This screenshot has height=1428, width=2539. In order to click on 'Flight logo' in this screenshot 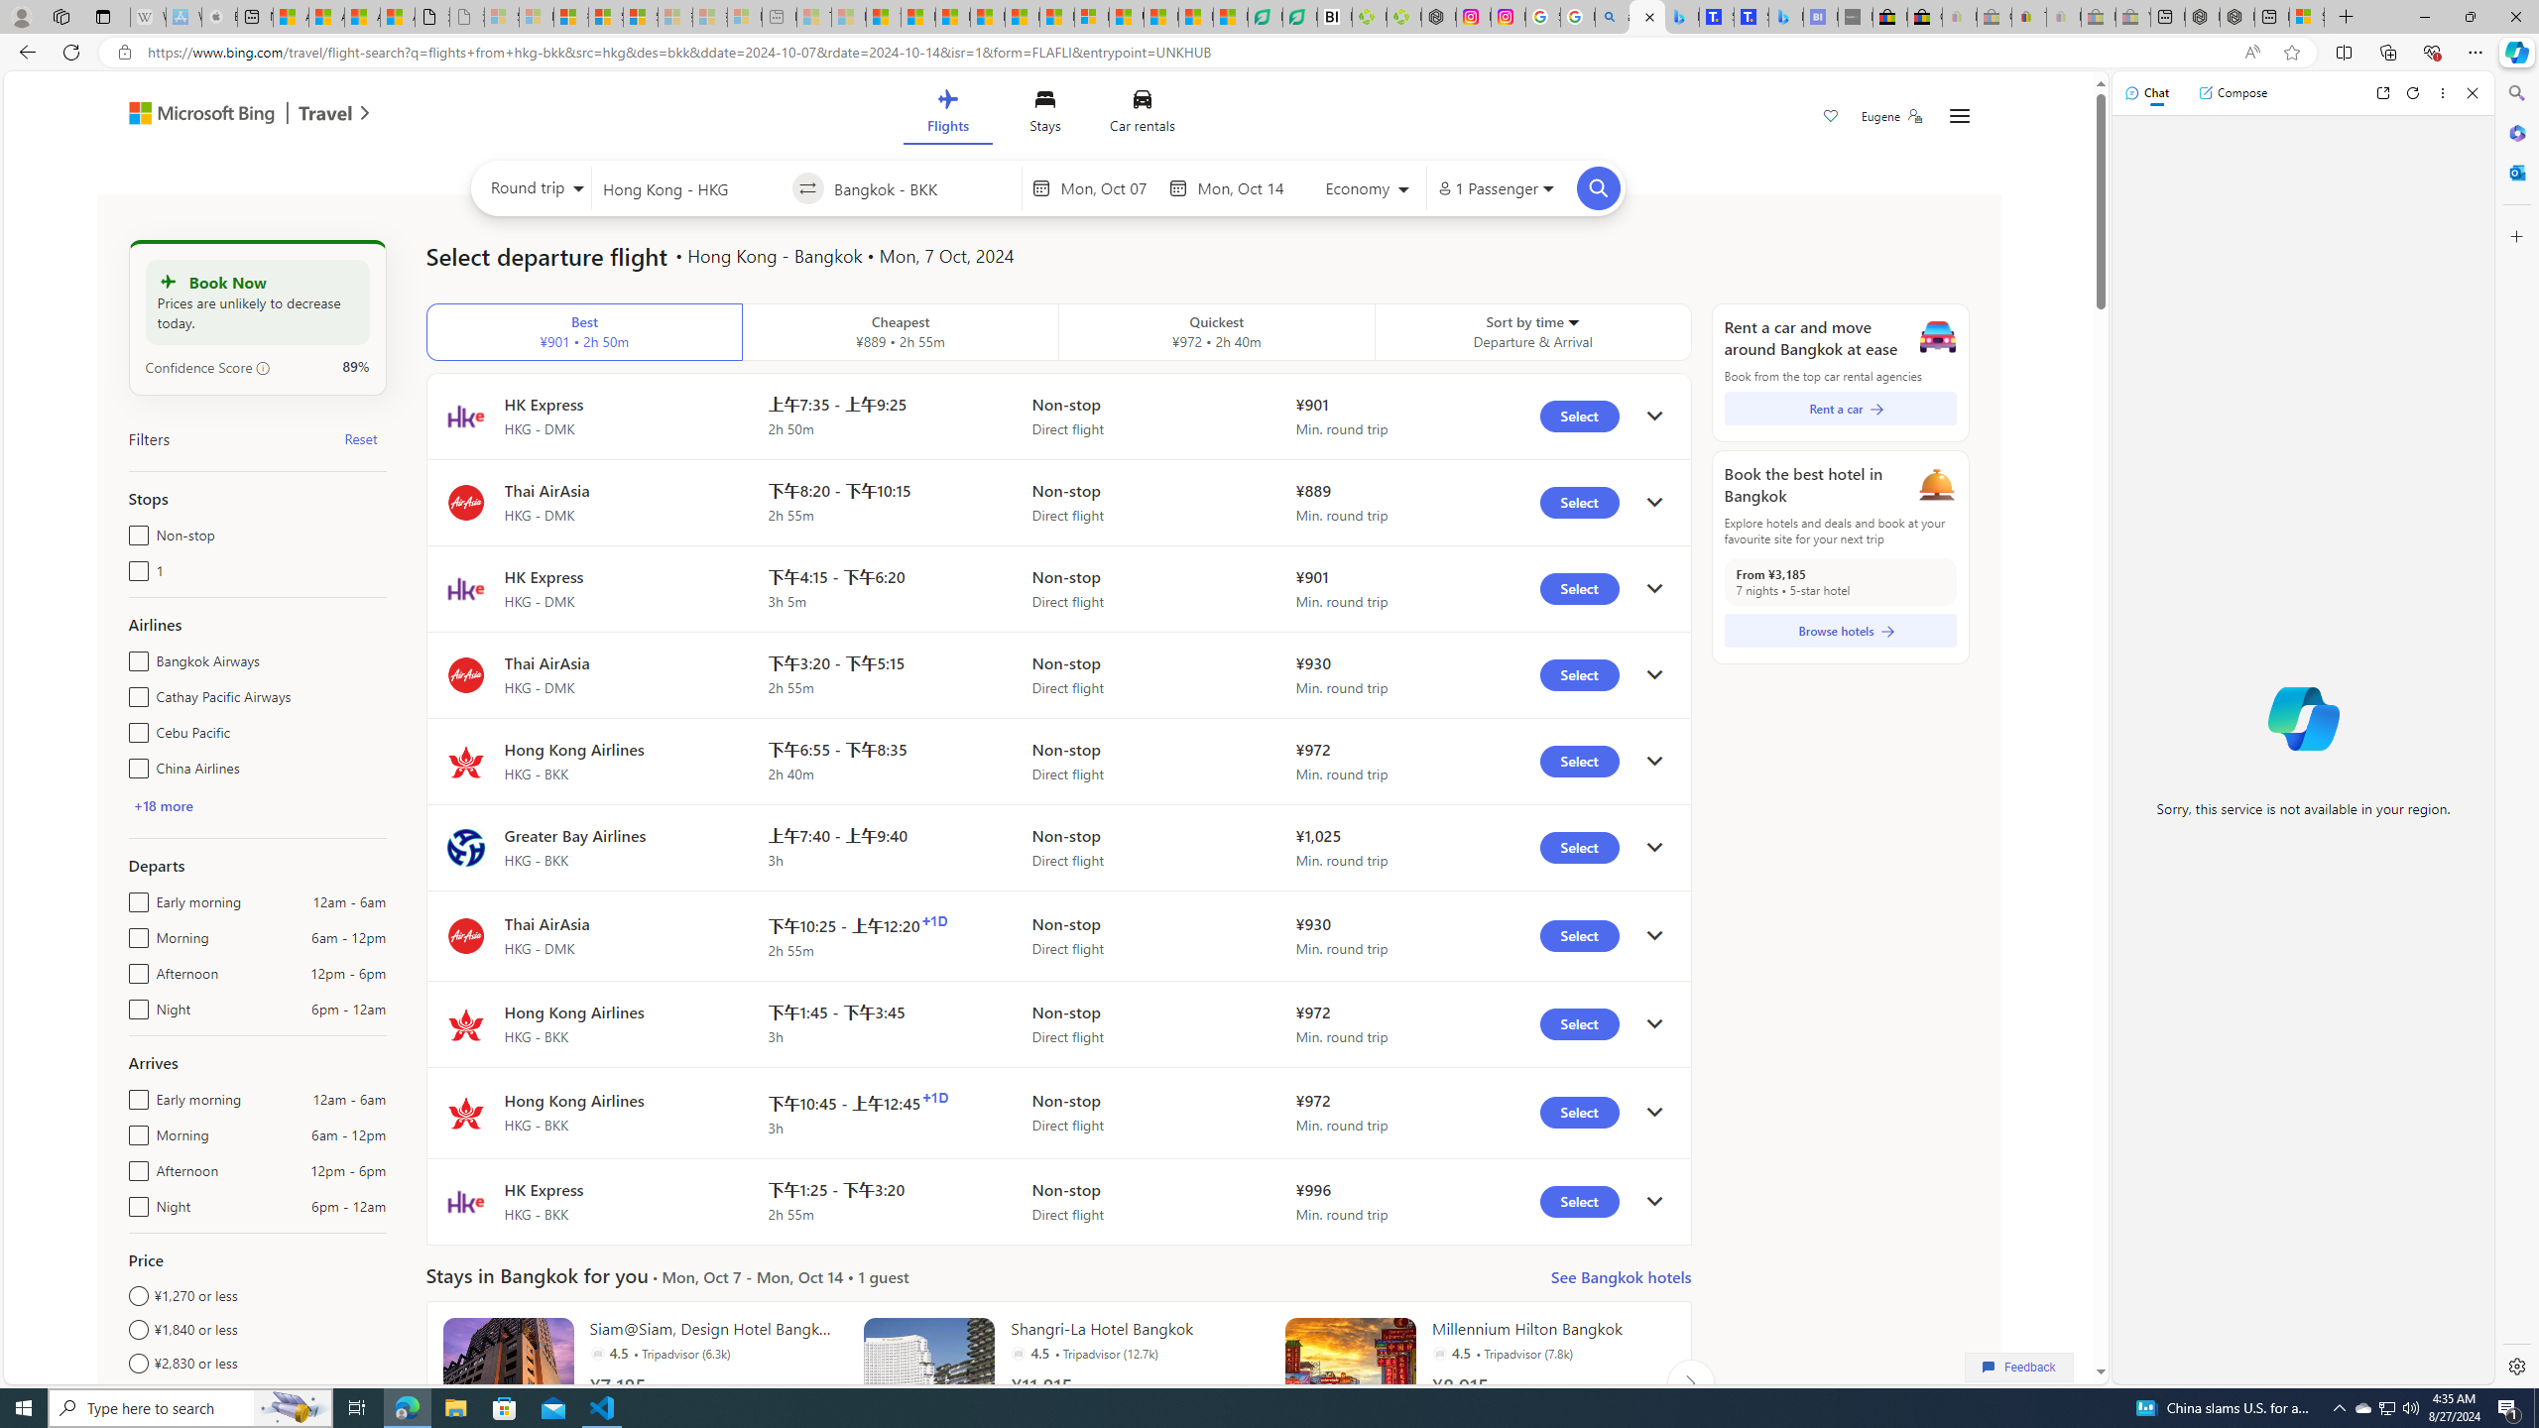, I will do `click(464, 1200)`.